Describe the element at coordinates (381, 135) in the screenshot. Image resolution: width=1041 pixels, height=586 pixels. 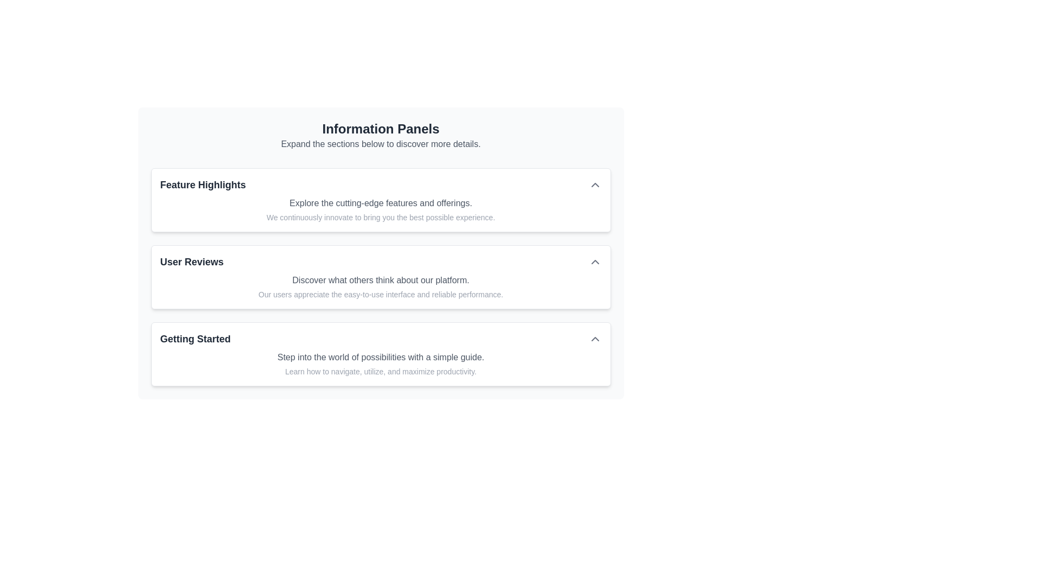
I see `text from the Text Block labeled 'Information Panels', which contains the header 'Information Panels' and the description 'Expand the sections below to discover more details.'` at that location.